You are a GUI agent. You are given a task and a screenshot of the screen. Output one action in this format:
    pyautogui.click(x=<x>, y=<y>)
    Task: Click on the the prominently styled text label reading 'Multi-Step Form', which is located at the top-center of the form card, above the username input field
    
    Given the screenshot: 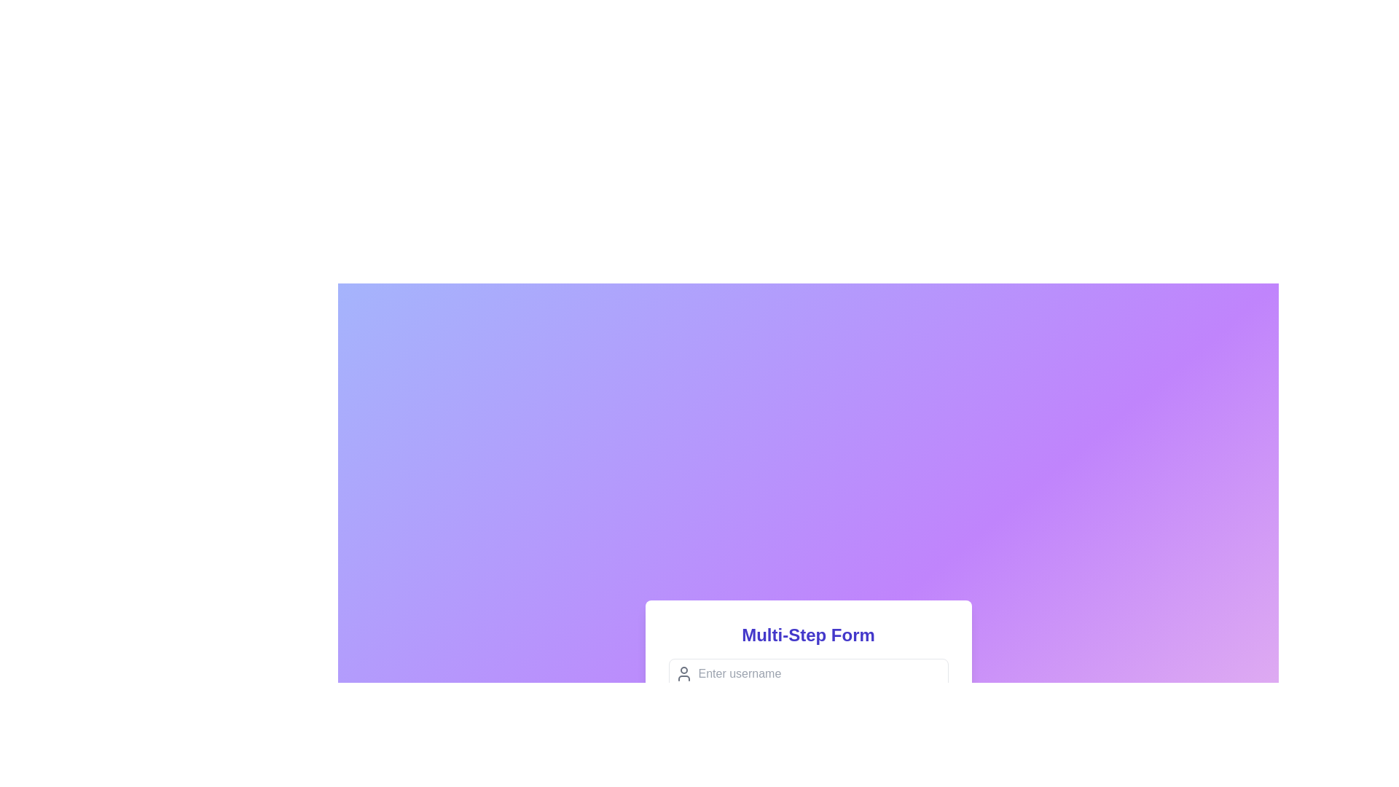 What is the action you would take?
    pyautogui.click(x=807, y=634)
    